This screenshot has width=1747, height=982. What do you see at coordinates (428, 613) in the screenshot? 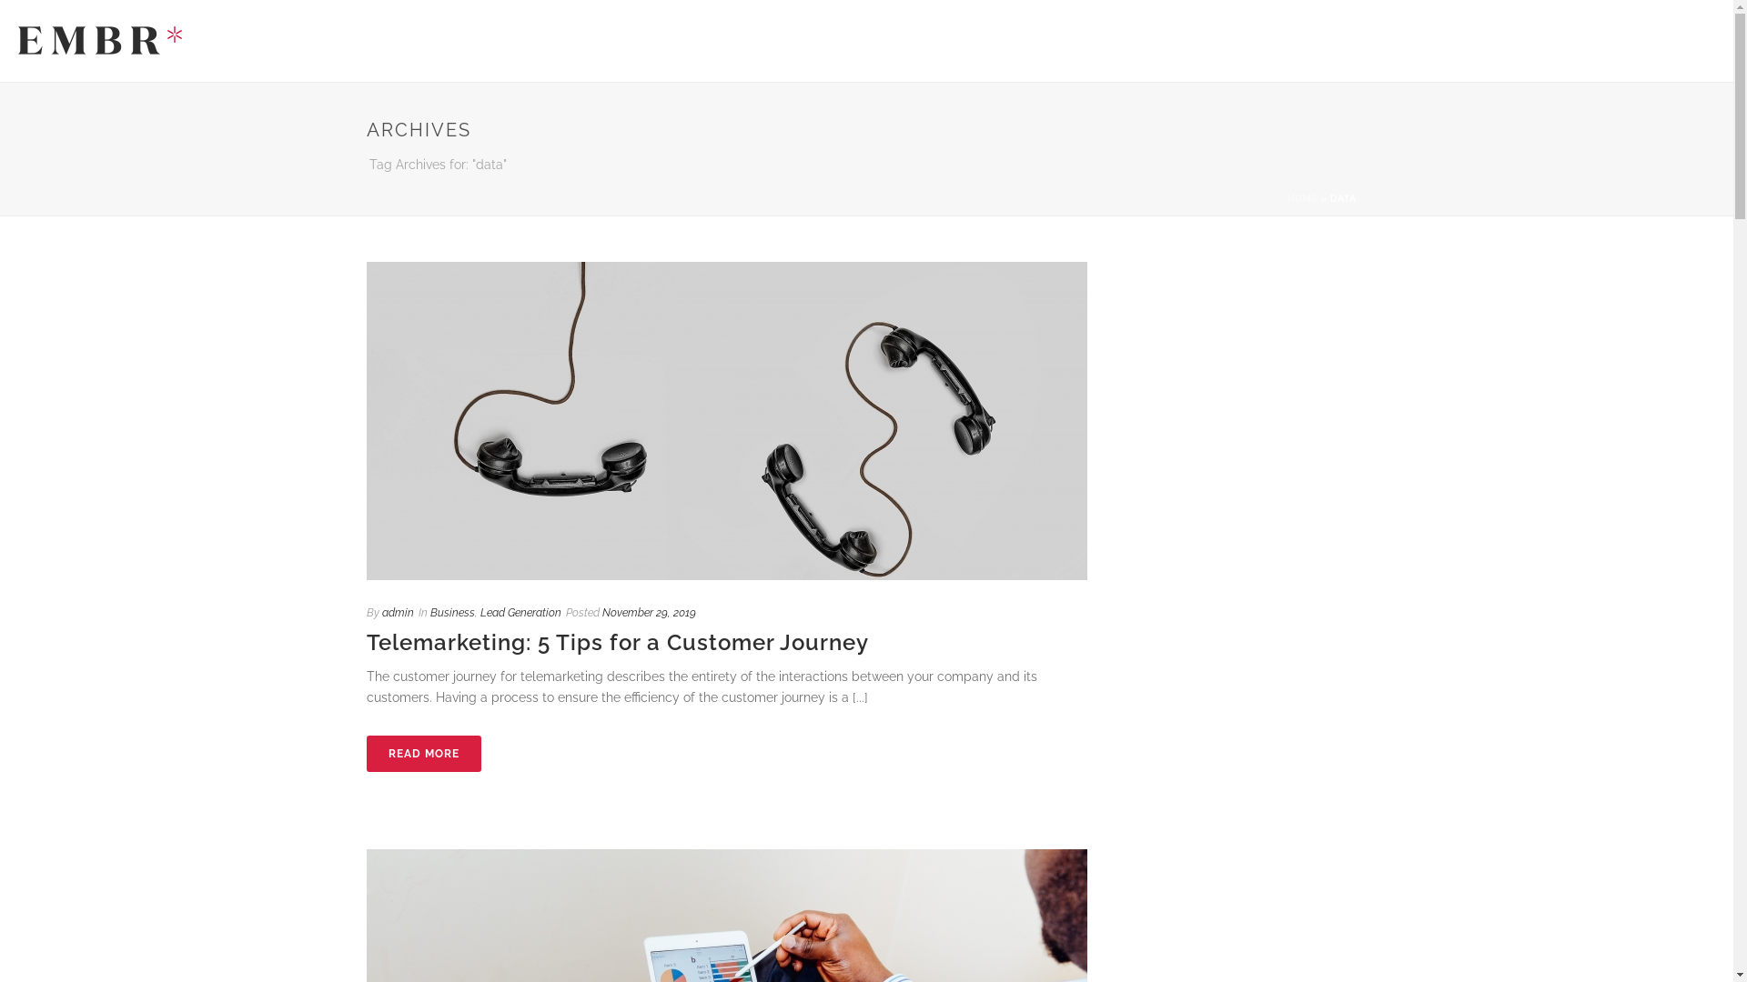
I see `'Business'` at bounding box center [428, 613].